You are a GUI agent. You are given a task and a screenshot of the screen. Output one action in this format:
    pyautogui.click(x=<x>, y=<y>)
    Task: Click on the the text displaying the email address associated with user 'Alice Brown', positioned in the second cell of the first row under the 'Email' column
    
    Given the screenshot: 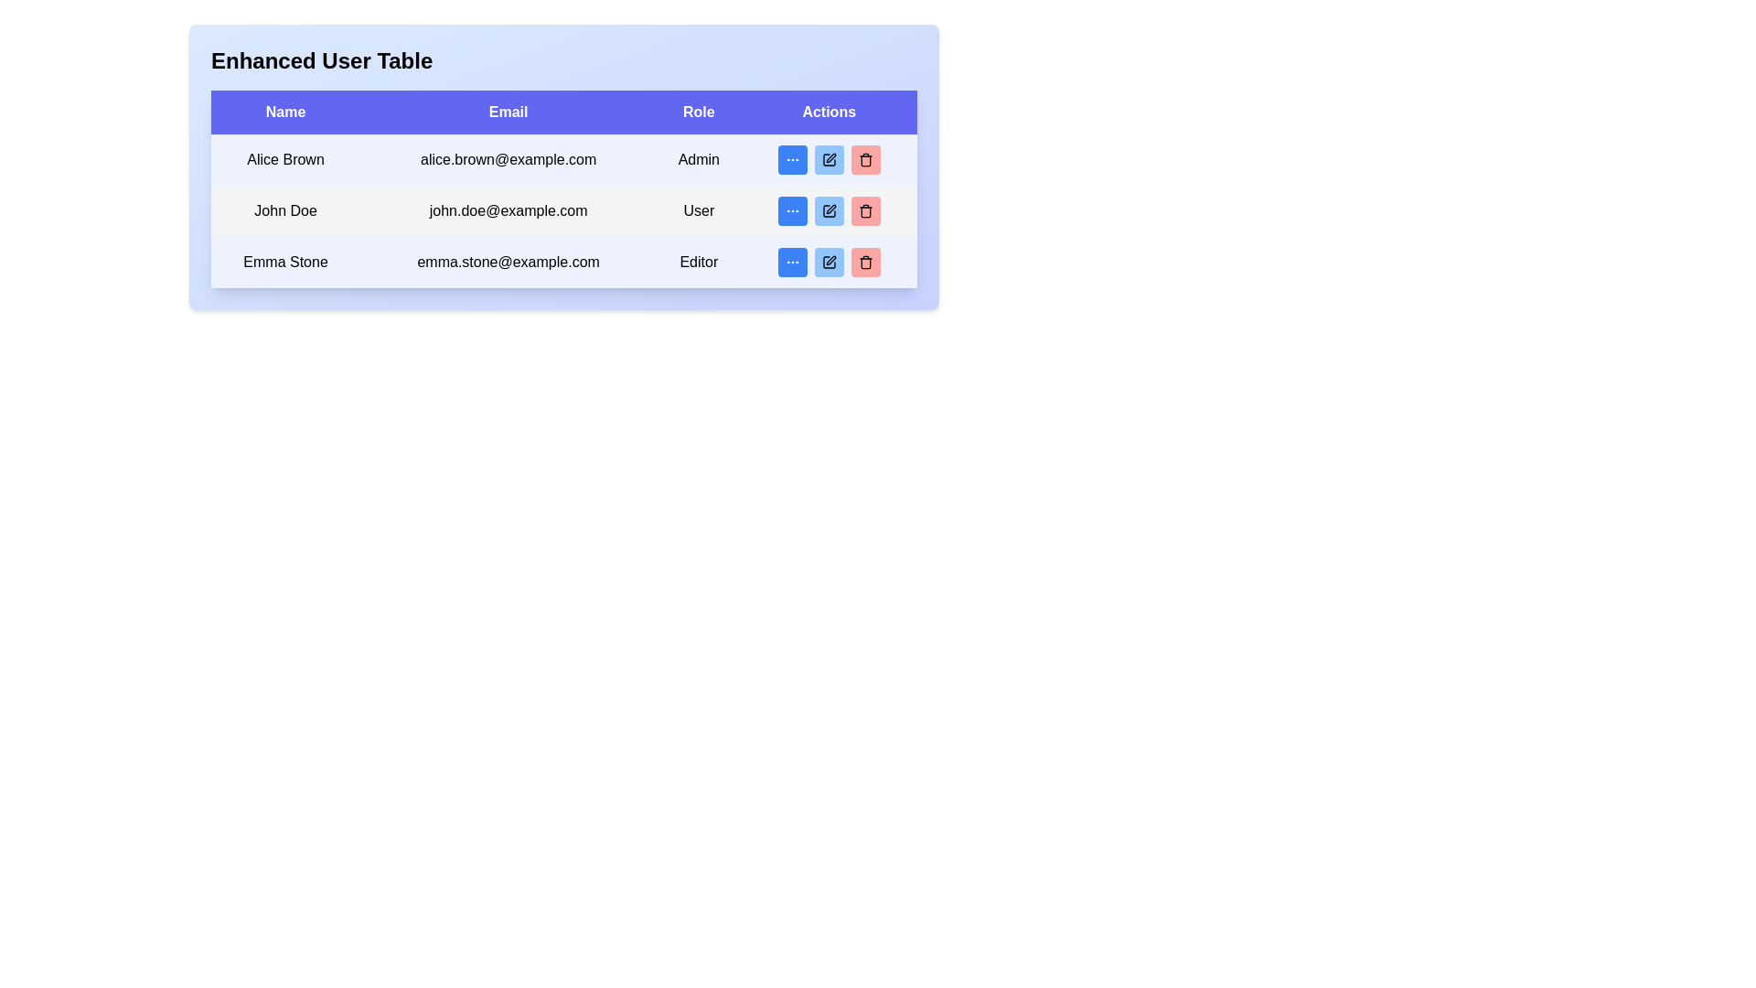 What is the action you would take?
    pyautogui.click(x=509, y=158)
    